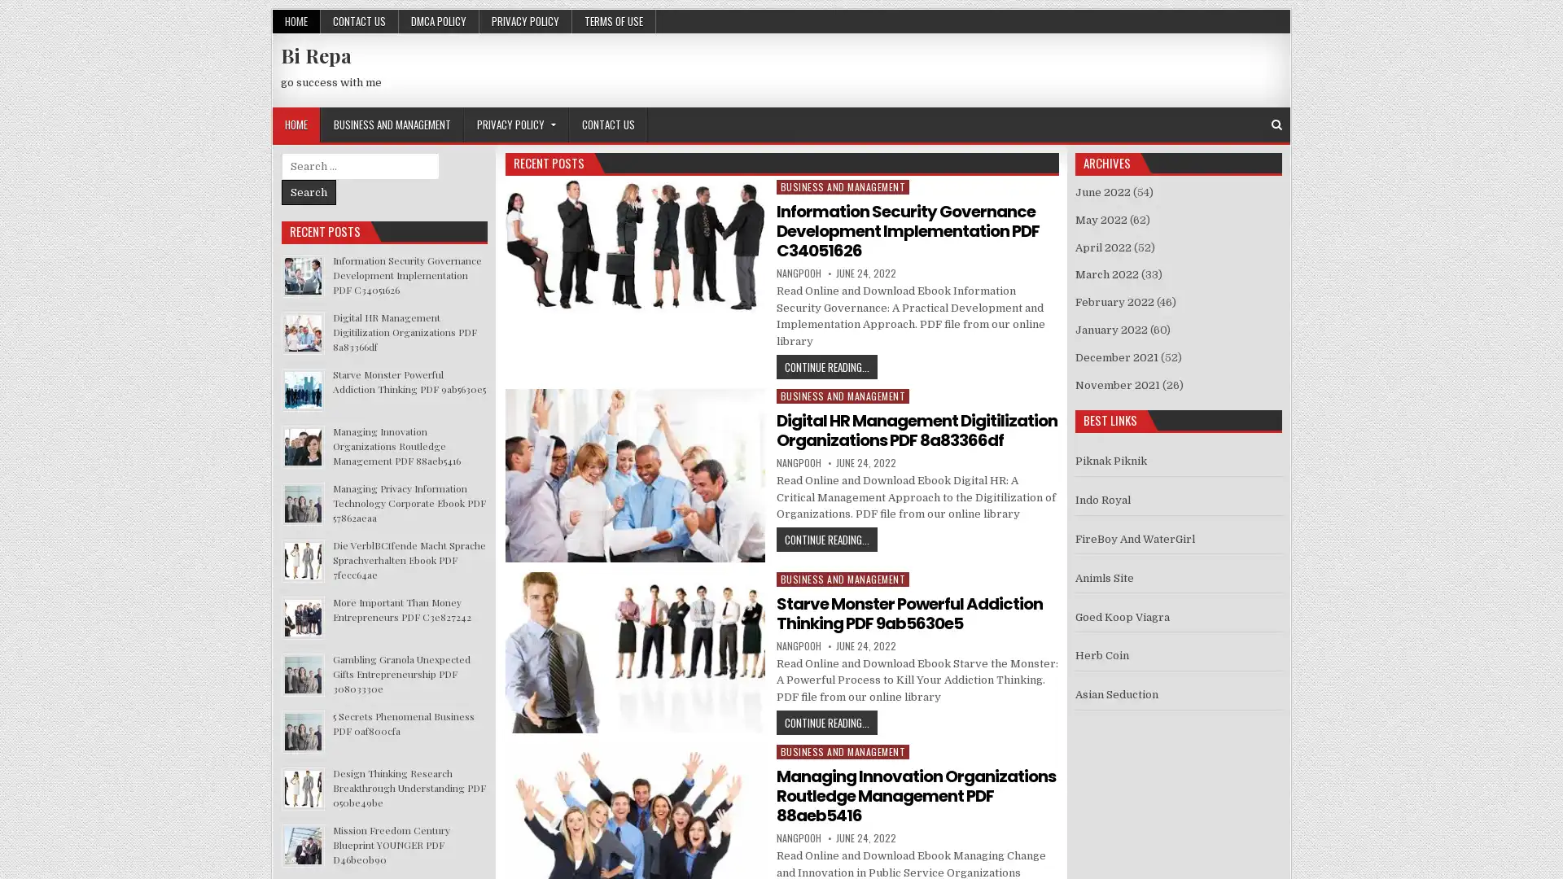 The height and width of the screenshot is (879, 1563). I want to click on Search, so click(308, 191).